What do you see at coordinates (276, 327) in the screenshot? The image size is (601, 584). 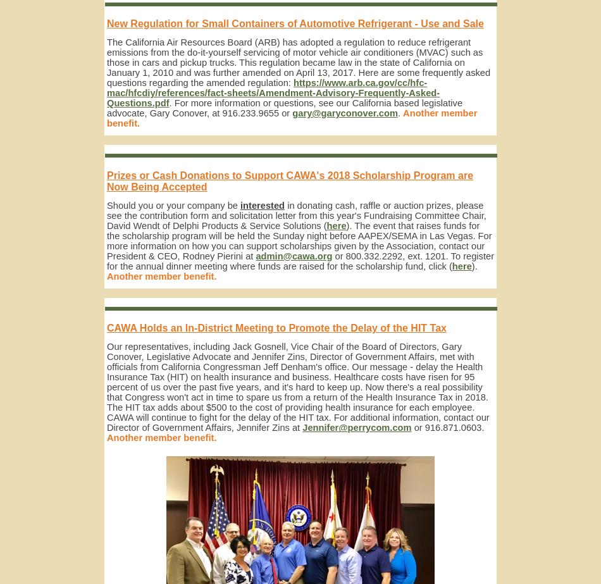 I see `'CAWA Holds an In-District Meeting to Promote the Delay of the HIT Tax'` at bounding box center [276, 327].